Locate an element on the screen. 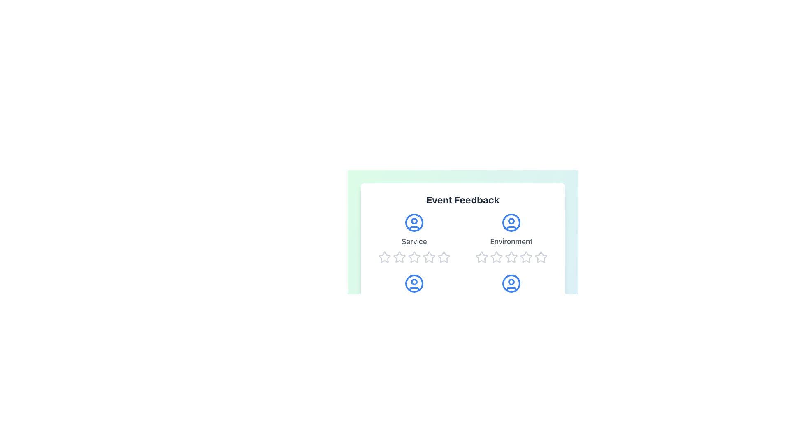 The height and width of the screenshot is (444, 790). the user icon in the Feedback Rating Component, which is styled in blue and positioned above the 'Environment' label is located at coordinates (511, 238).